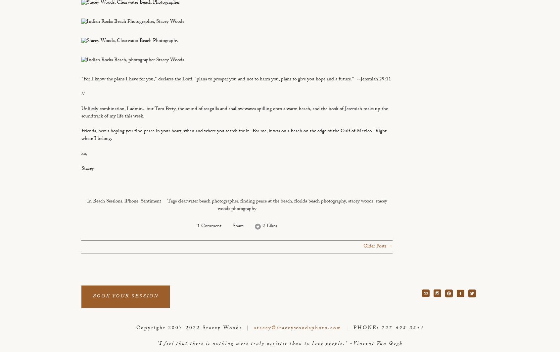 The width and height of the screenshot is (560, 352). What do you see at coordinates (93, 296) in the screenshot?
I see `'BOOK YOUR SESSION'` at bounding box center [93, 296].